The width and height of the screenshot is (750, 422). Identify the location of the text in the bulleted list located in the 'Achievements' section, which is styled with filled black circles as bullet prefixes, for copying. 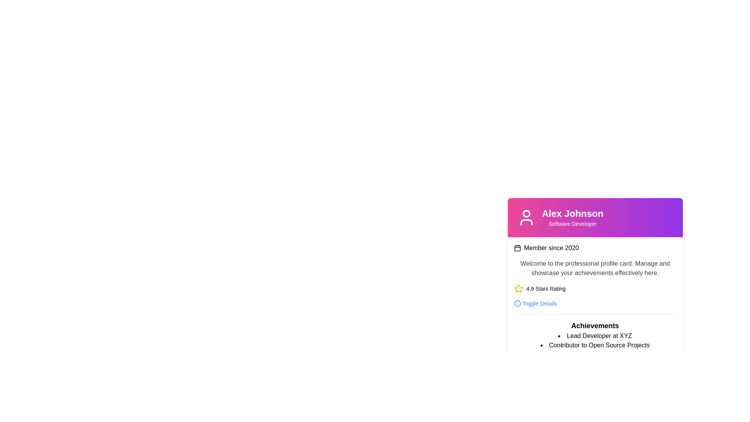
(595, 345).